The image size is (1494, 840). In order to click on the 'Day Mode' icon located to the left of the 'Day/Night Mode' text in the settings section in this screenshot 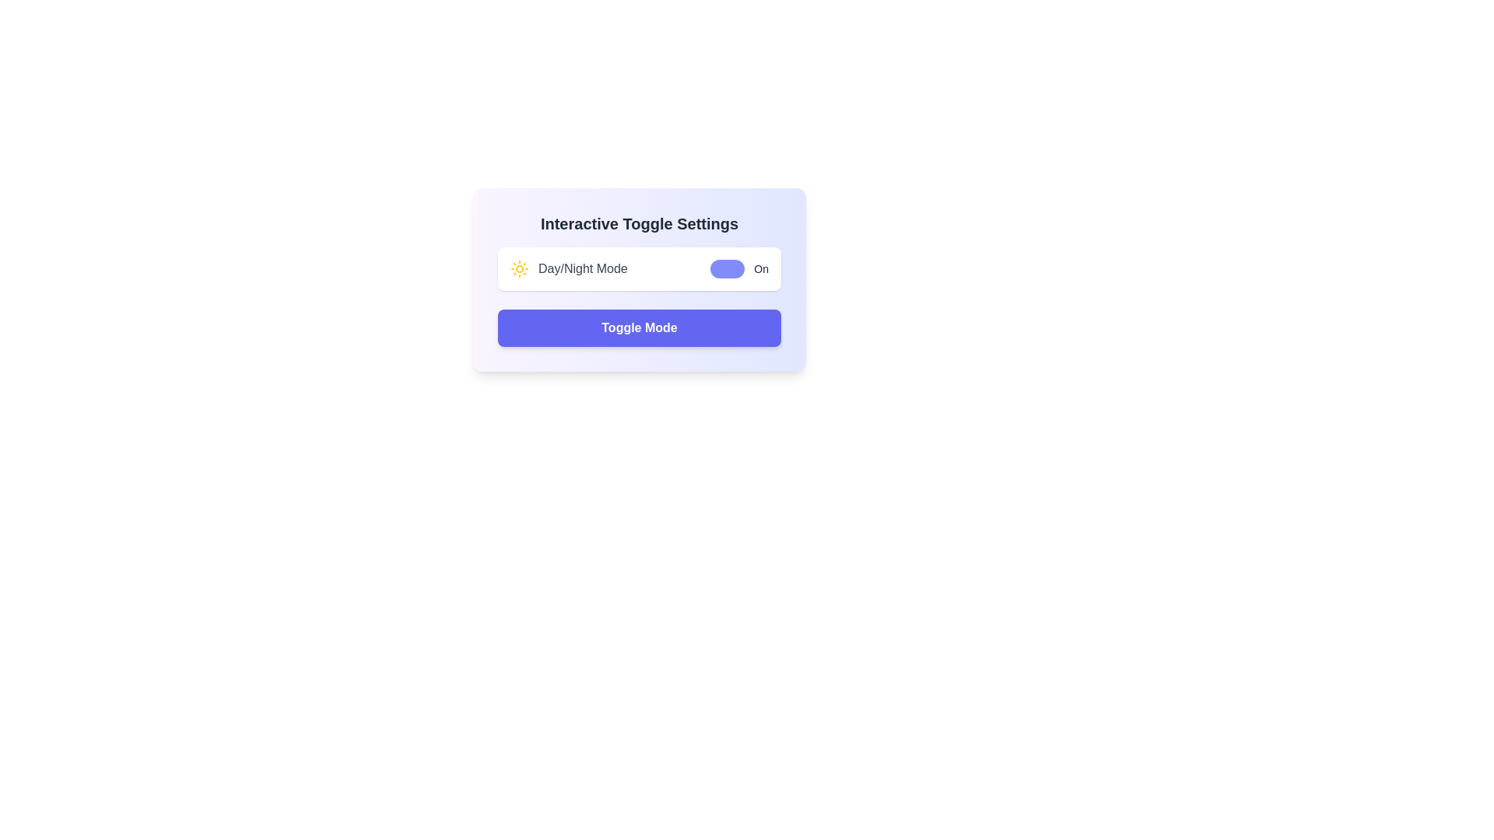, I will do `click(519, 268)`.